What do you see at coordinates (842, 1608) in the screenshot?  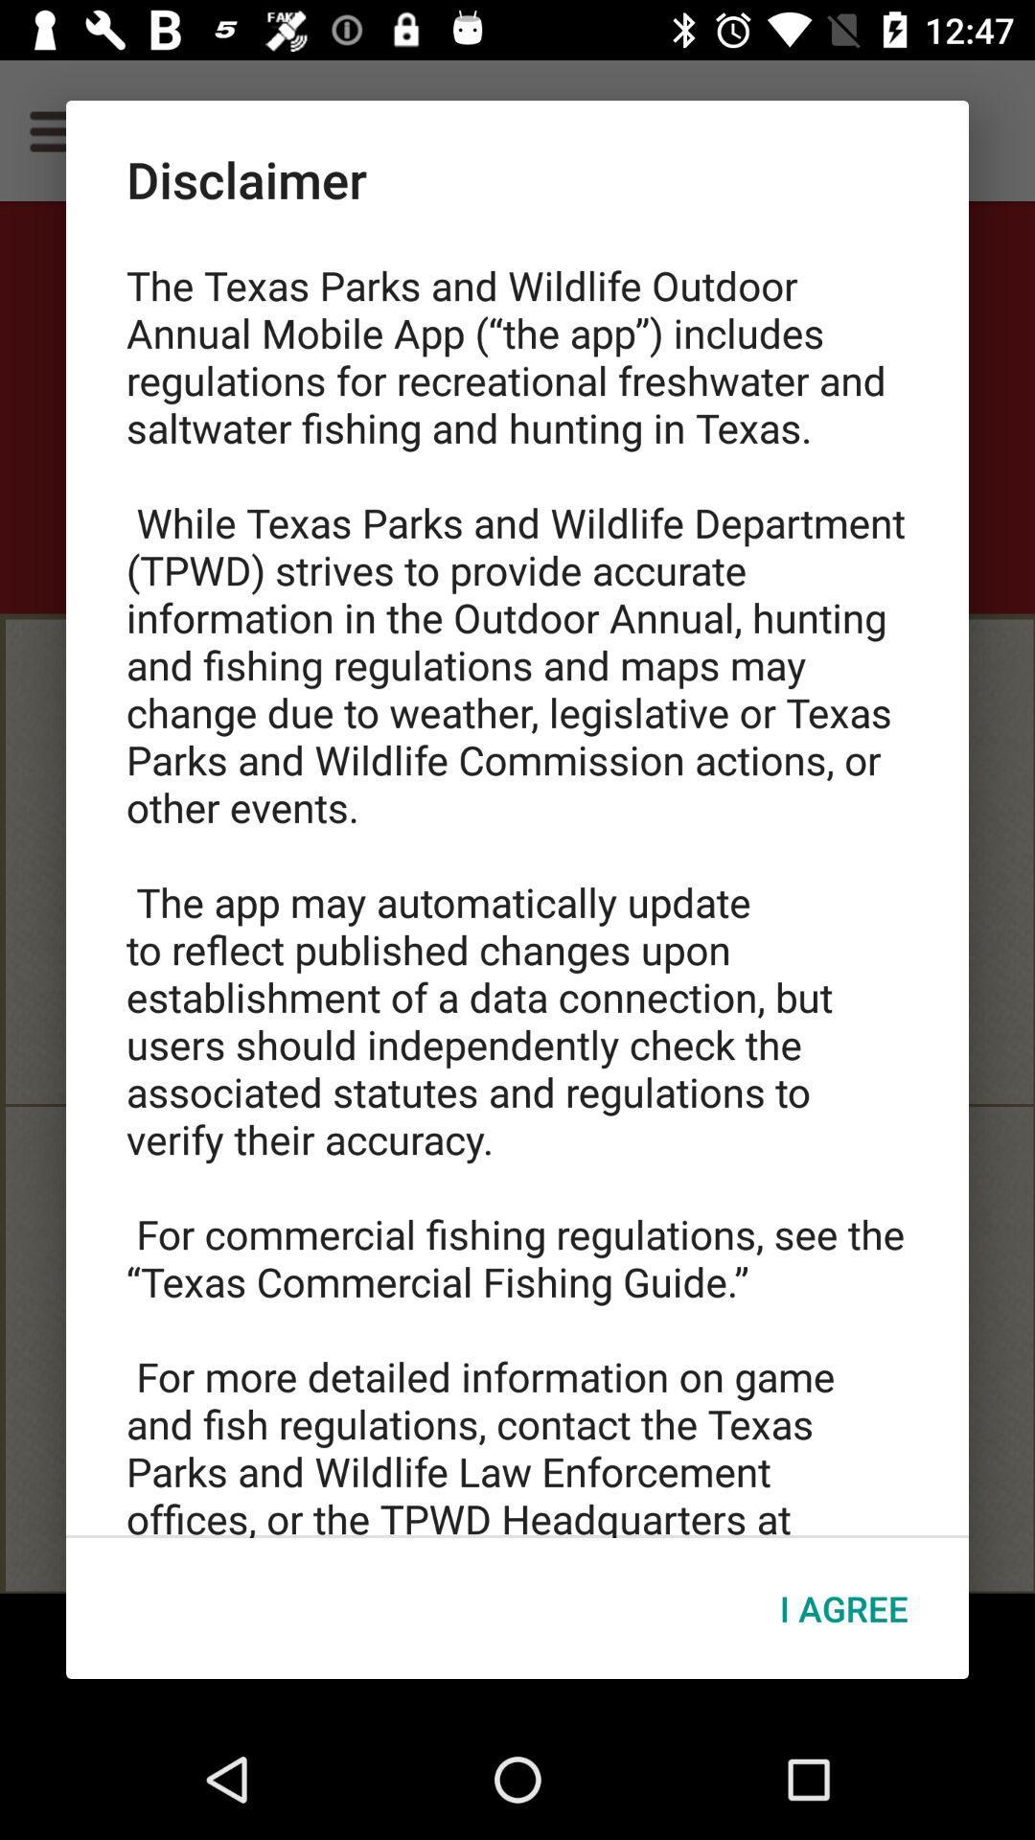 I see `i agree icon` at bounding box center [842, 1608].